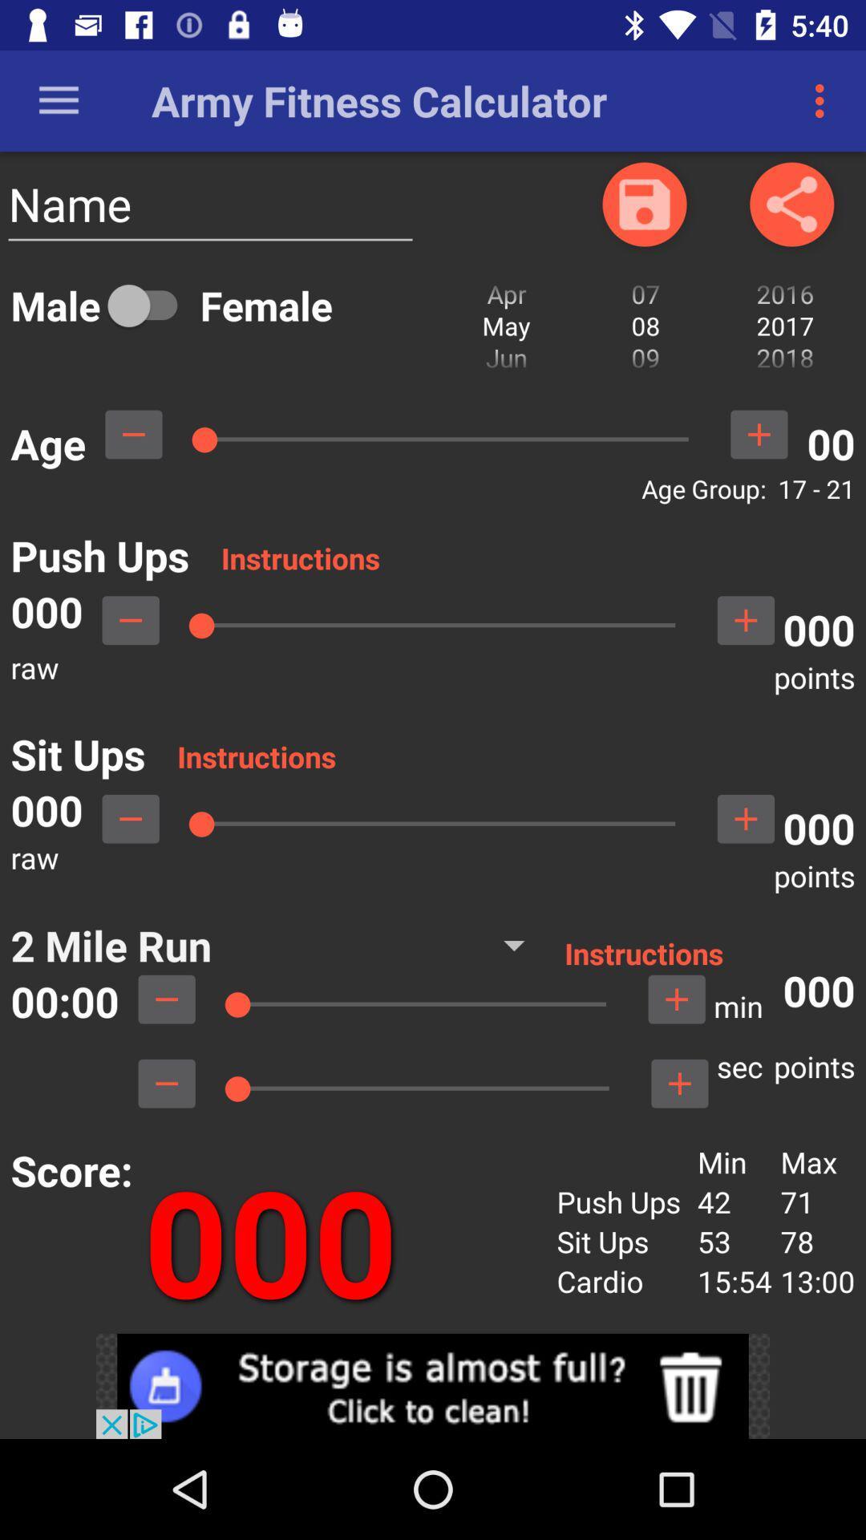  Describe the element at coordinates (643, 203) in the screenshot. I see `the save icon` at that location.